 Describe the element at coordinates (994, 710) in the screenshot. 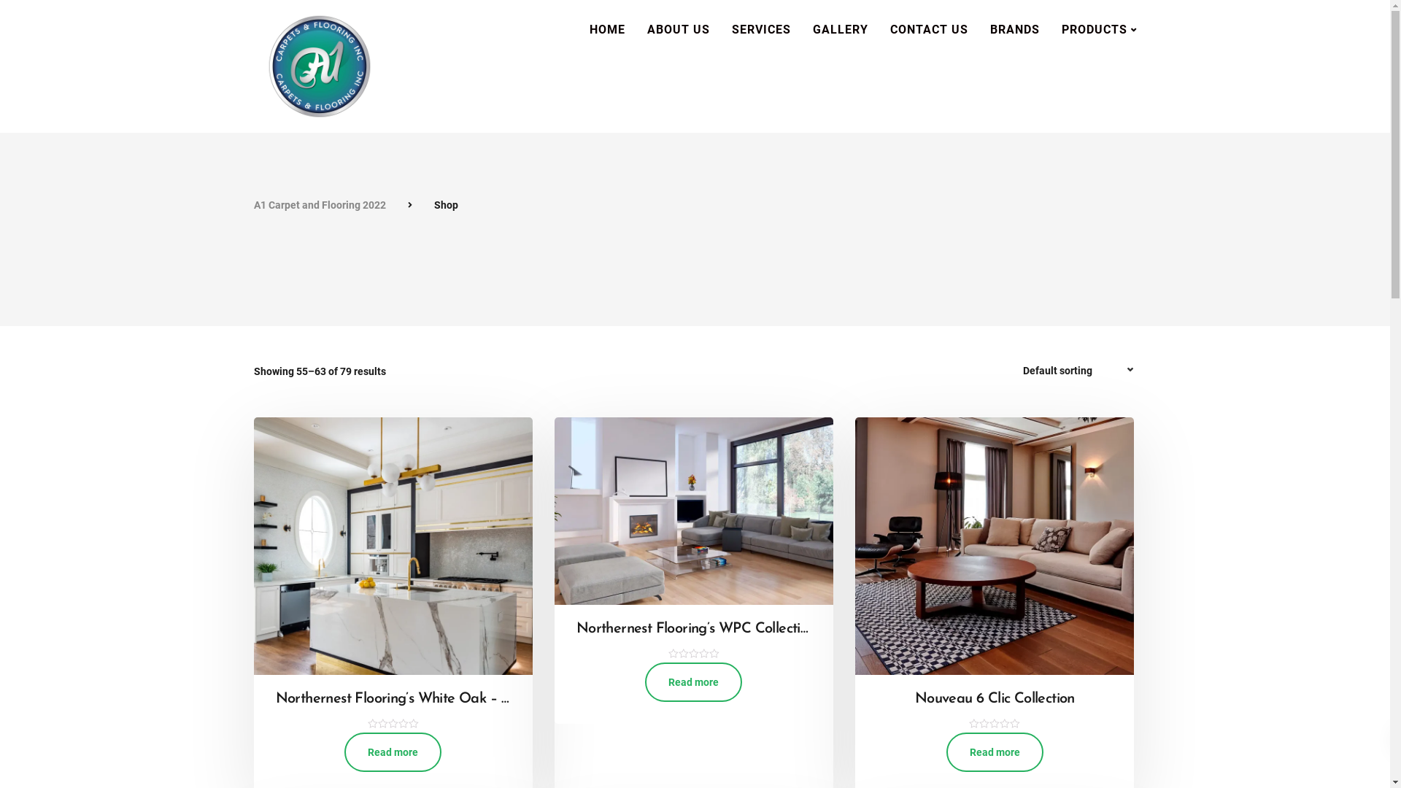

I see `'Nouveau 6 Clic Collection'` at that location.